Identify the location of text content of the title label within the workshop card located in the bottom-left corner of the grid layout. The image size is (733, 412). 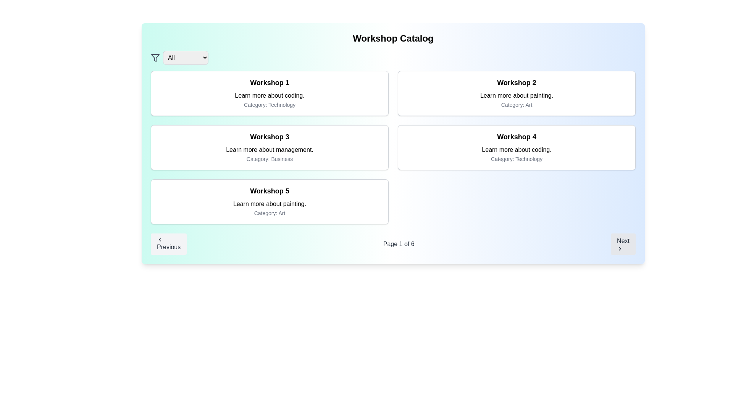
(270, 191).